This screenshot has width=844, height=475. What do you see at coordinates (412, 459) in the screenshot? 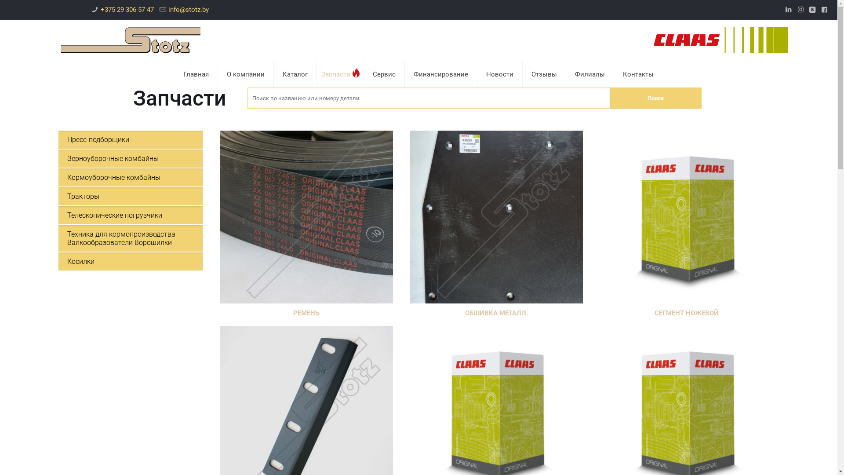
I see `'Instagram'` at bounding box center [412, 459].